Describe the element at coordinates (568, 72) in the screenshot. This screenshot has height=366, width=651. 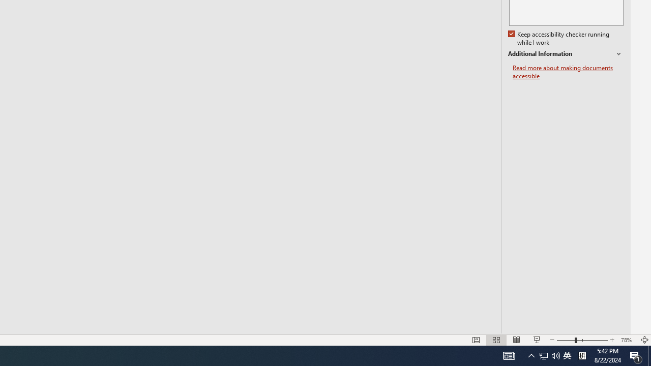
I see `'Read more about making documents accessible'` at that location.